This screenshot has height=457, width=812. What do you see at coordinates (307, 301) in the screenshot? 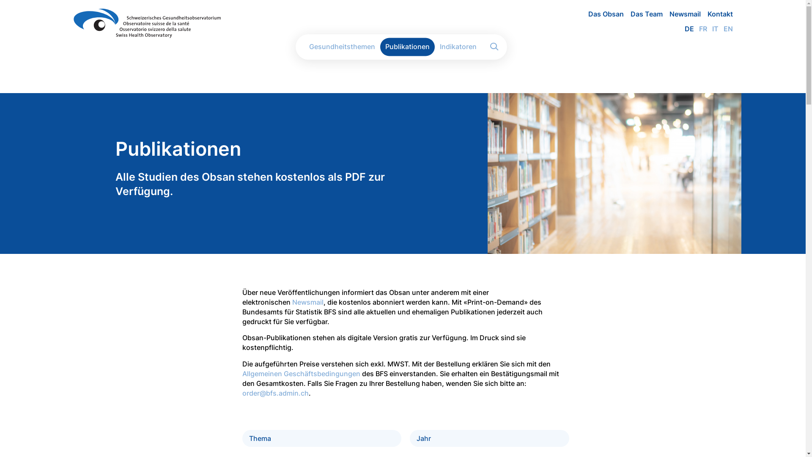
I see `'Newsmail'` at bounding box center [307, 301].